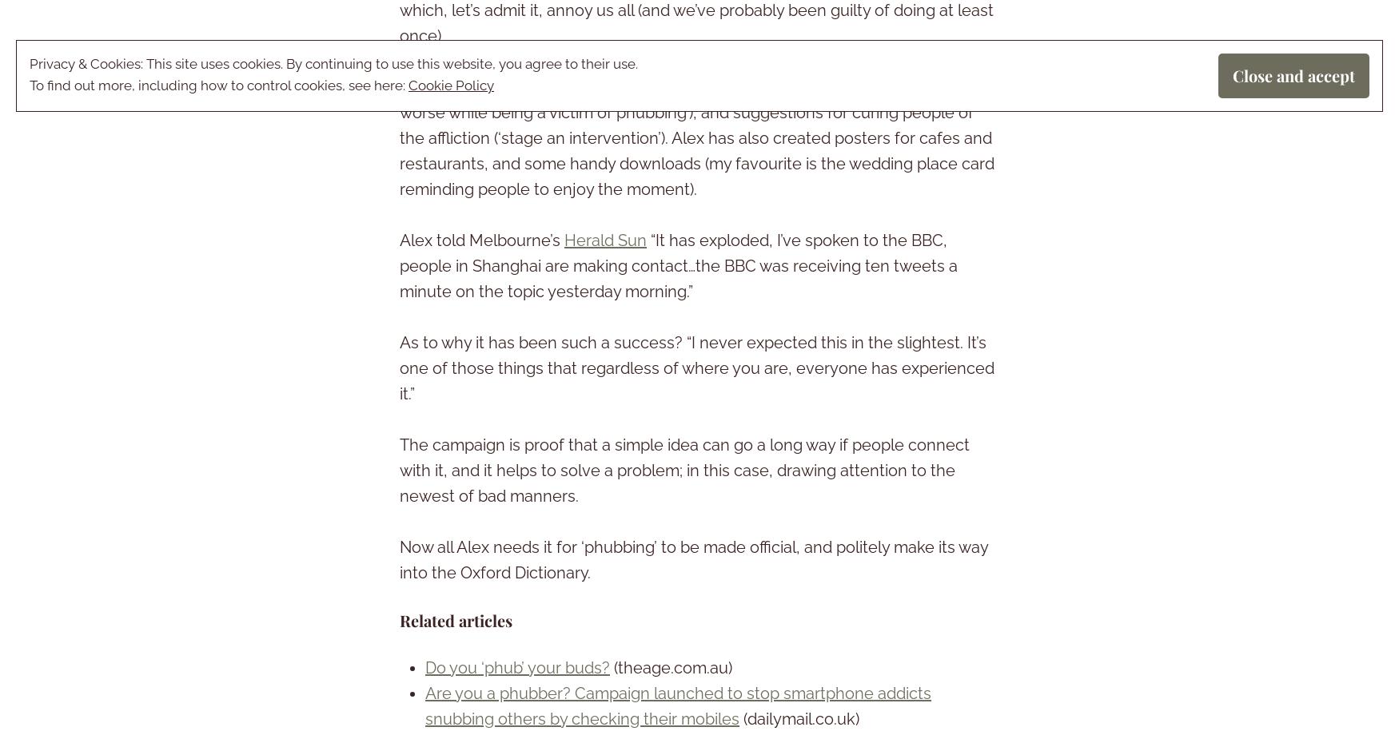  Describe the element at coordinates (799, 718) in the screenshot. I see `'(dailymail.co.uk)'` at that location.